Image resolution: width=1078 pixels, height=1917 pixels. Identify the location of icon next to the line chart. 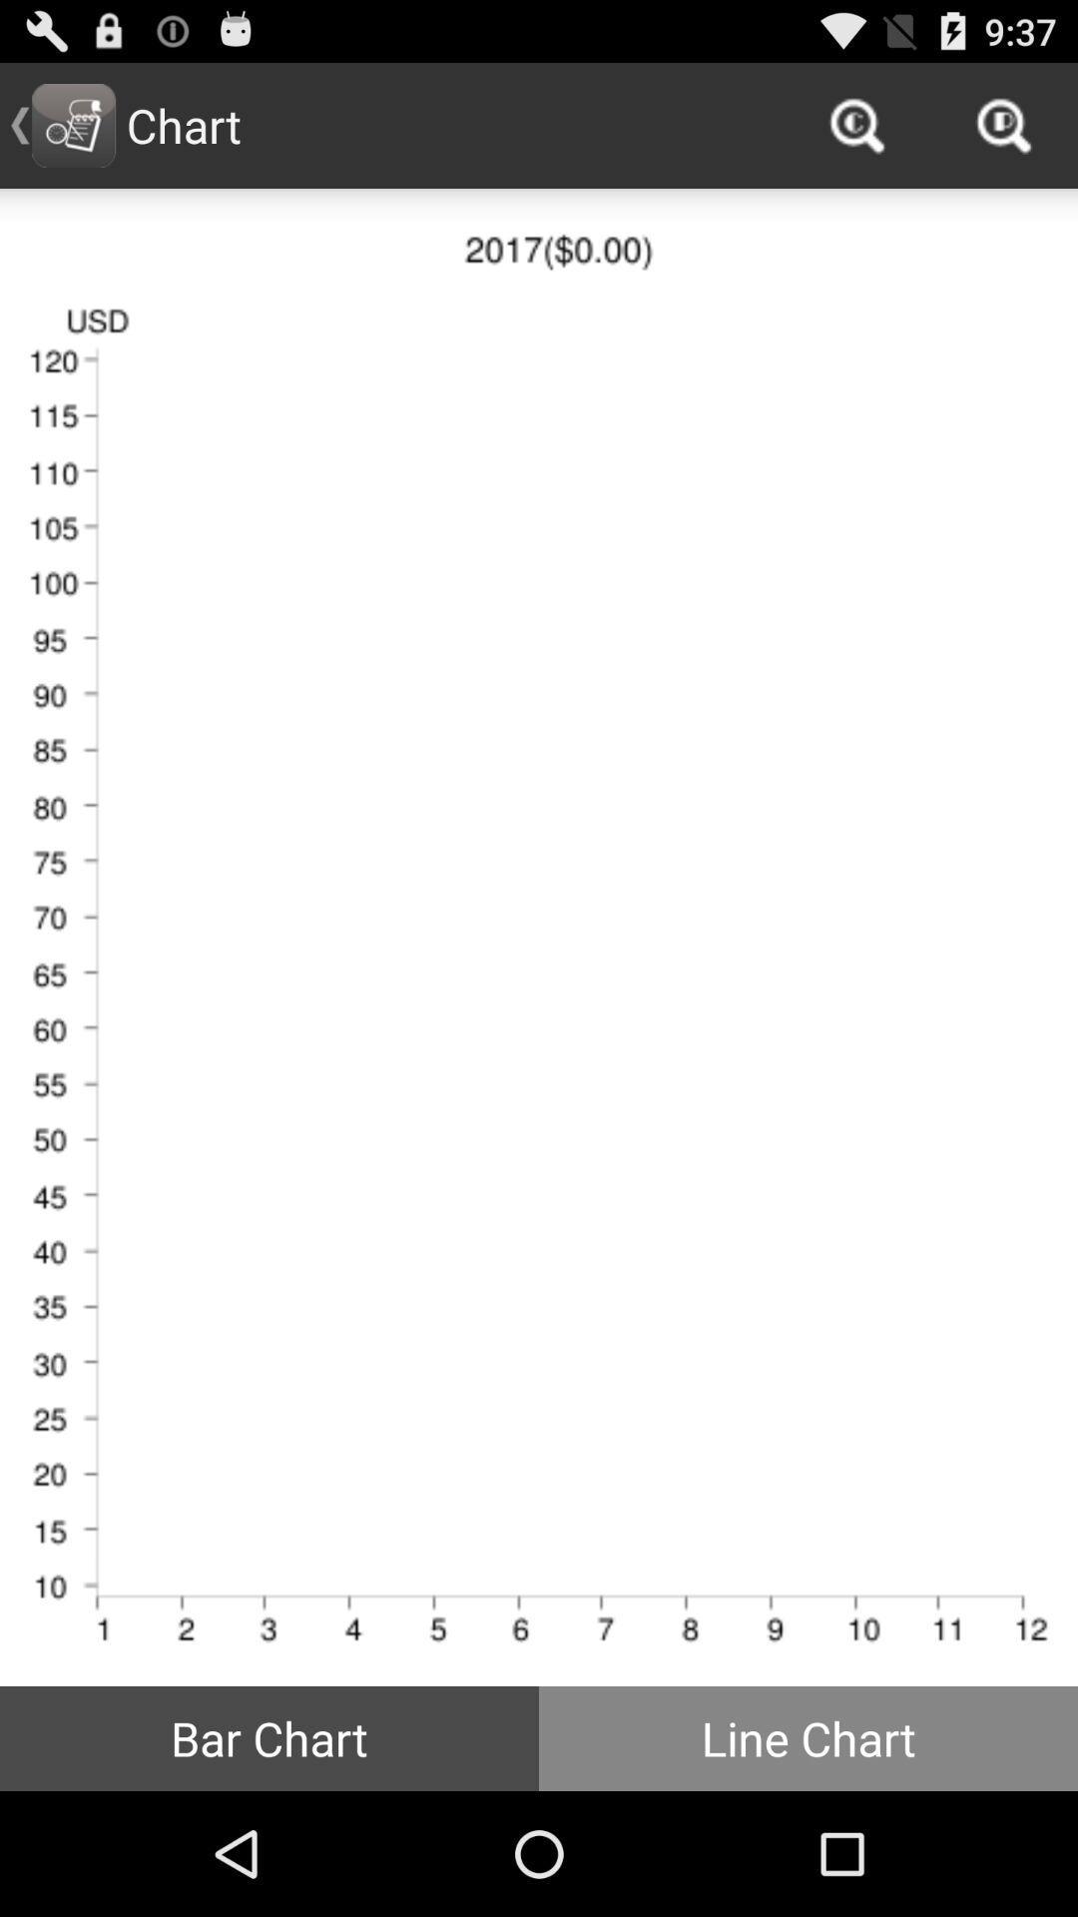
(269, 1737).